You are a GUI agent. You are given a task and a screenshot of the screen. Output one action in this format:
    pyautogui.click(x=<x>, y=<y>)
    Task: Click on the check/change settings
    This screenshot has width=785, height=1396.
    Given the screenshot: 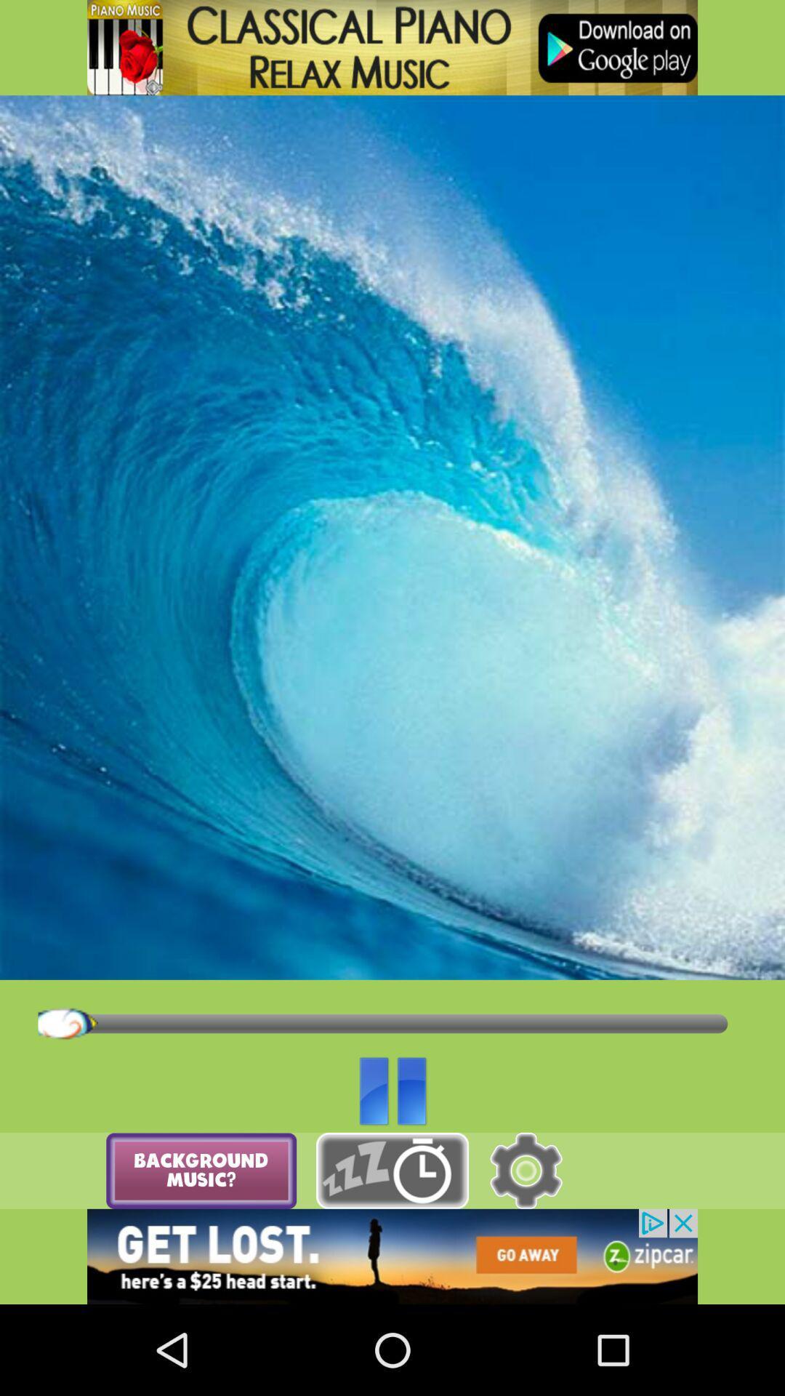 What is the action you would take?
    pyautogui.click(x=526, y=1171)
    